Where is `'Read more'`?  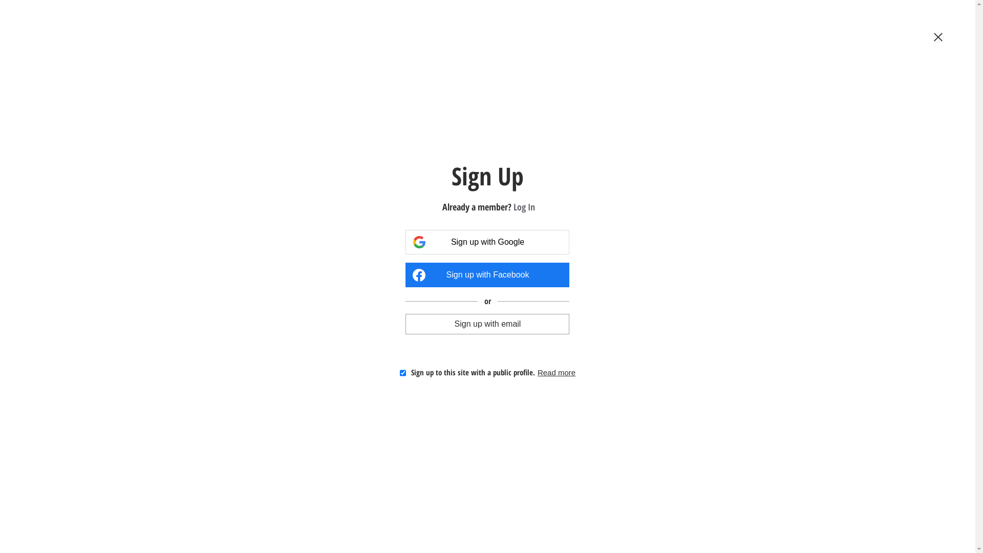 'Read more' is located at coordinates (537, 372).